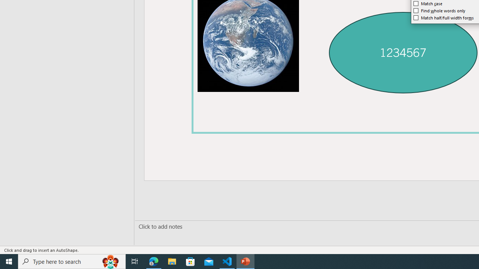 This screenshot has width=479, height=269. What do you see at coordinates (9, 261) in the screenshot?
I see `'Start'` at bounding box center [9, 261].